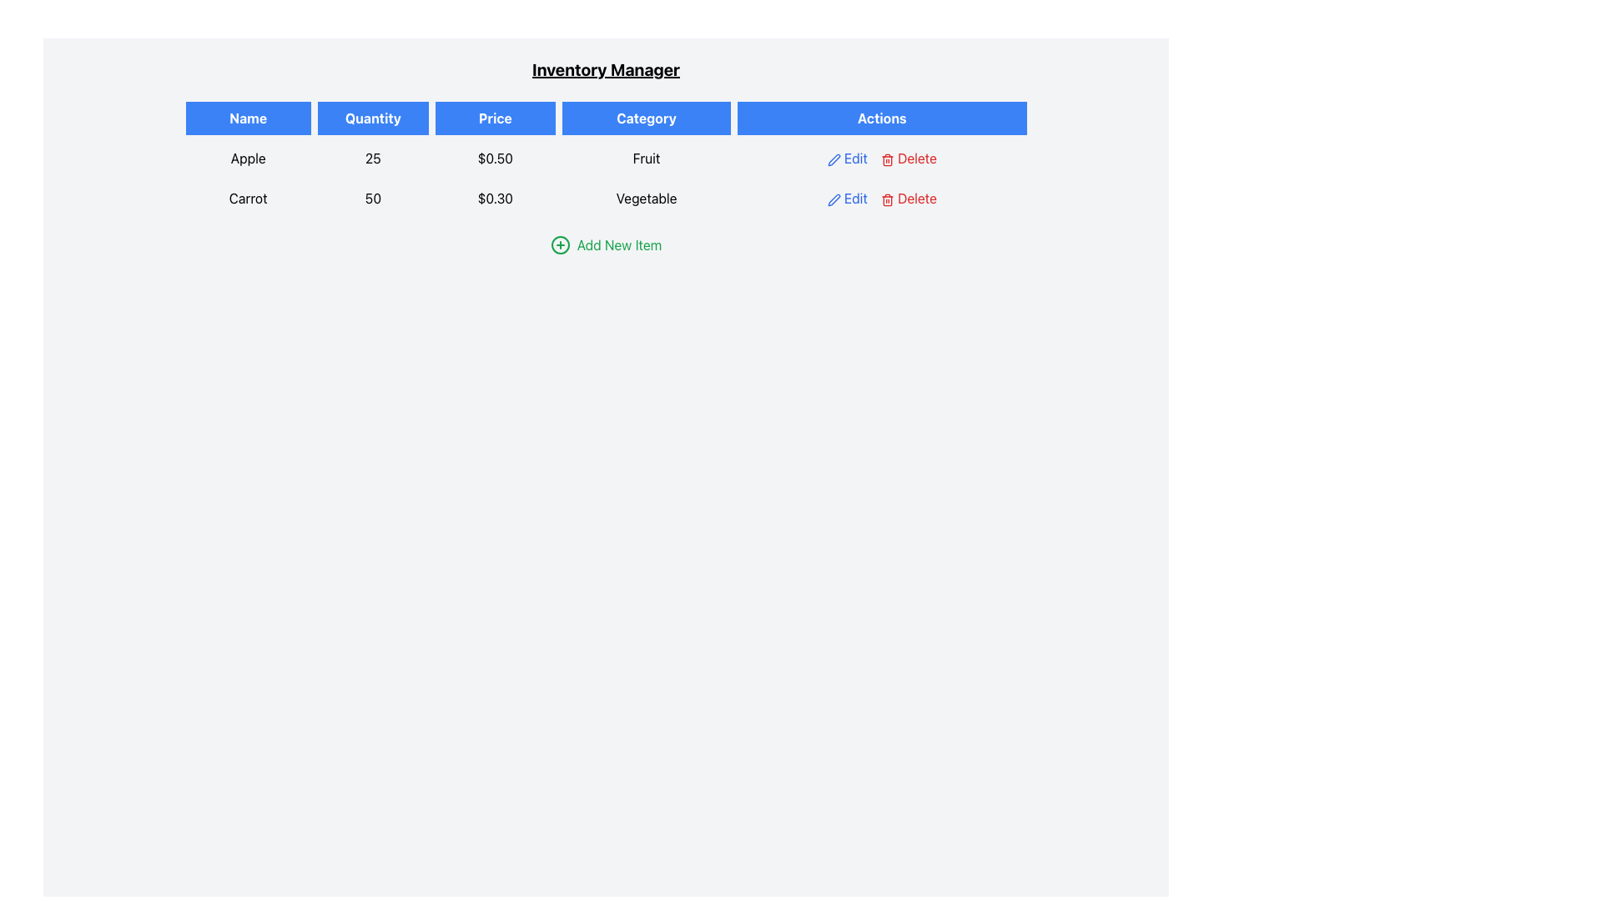  What do you see at coordinates (372, 198) in the screenshot?
I see `the static text field displaying '50' in the 'Quantity' column of the table, located in the second row between 'Carrot' and '$0.30'` at bounding box center [372, 198].